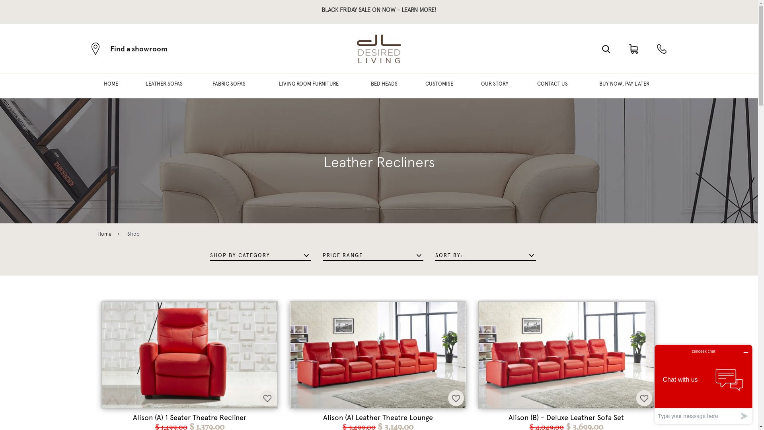 Image resolution: width=764 pixels, height=430 pixels. What do you see at coordinates (104, 233) in the screenshot?
I see `'Home'` at bounding box center [104, 233].